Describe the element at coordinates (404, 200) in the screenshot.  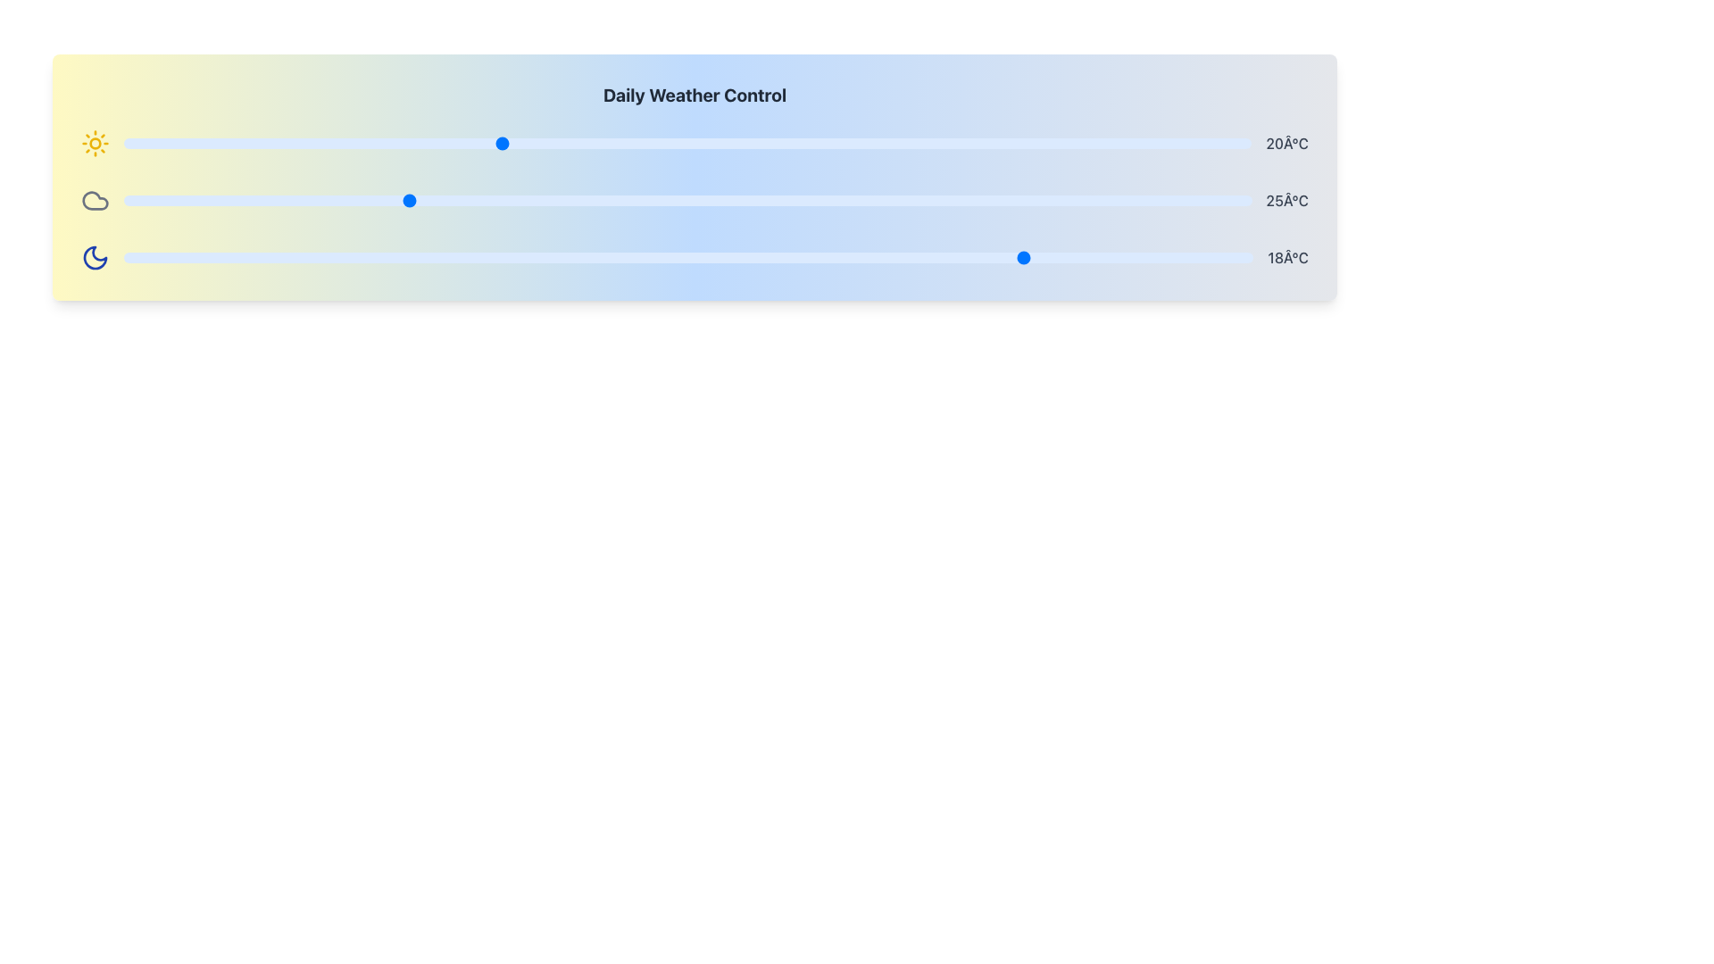
I see `the temperature` at that location.